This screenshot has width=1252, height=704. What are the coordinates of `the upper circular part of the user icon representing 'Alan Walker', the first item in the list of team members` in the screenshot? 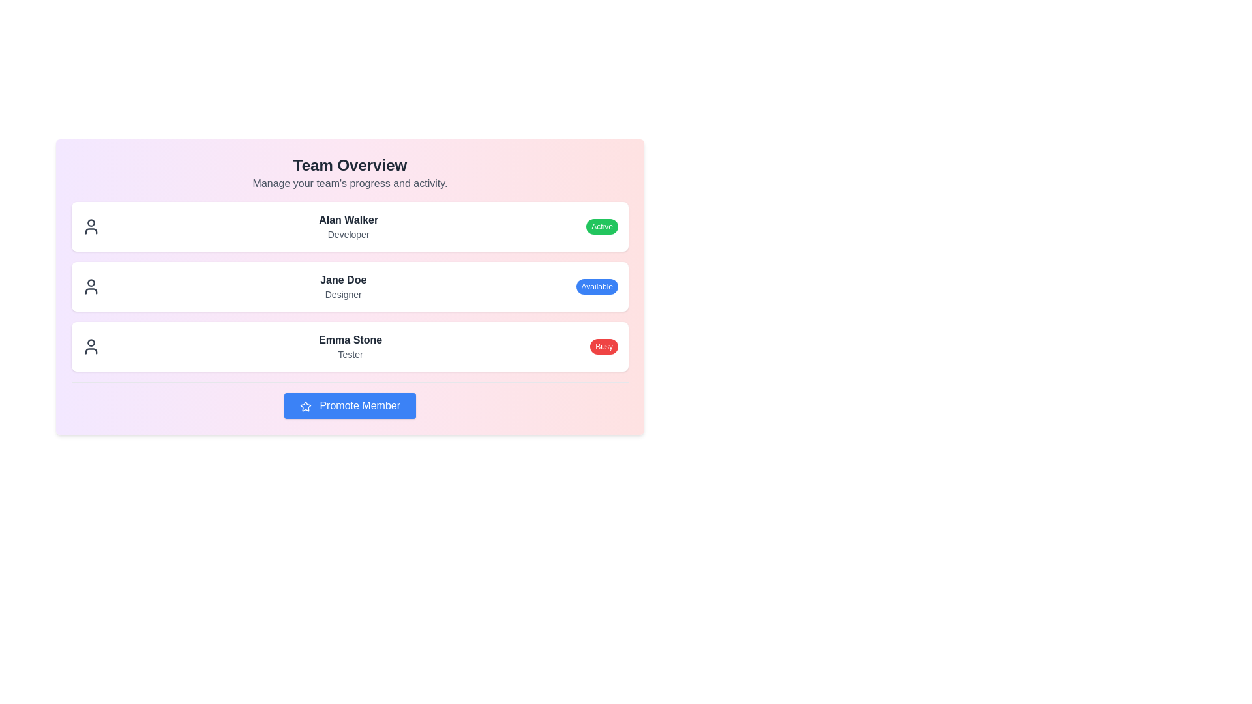 It's located at (90, 222).